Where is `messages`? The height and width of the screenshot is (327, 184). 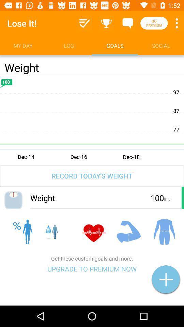
messages is located at coordinates (127, 23).